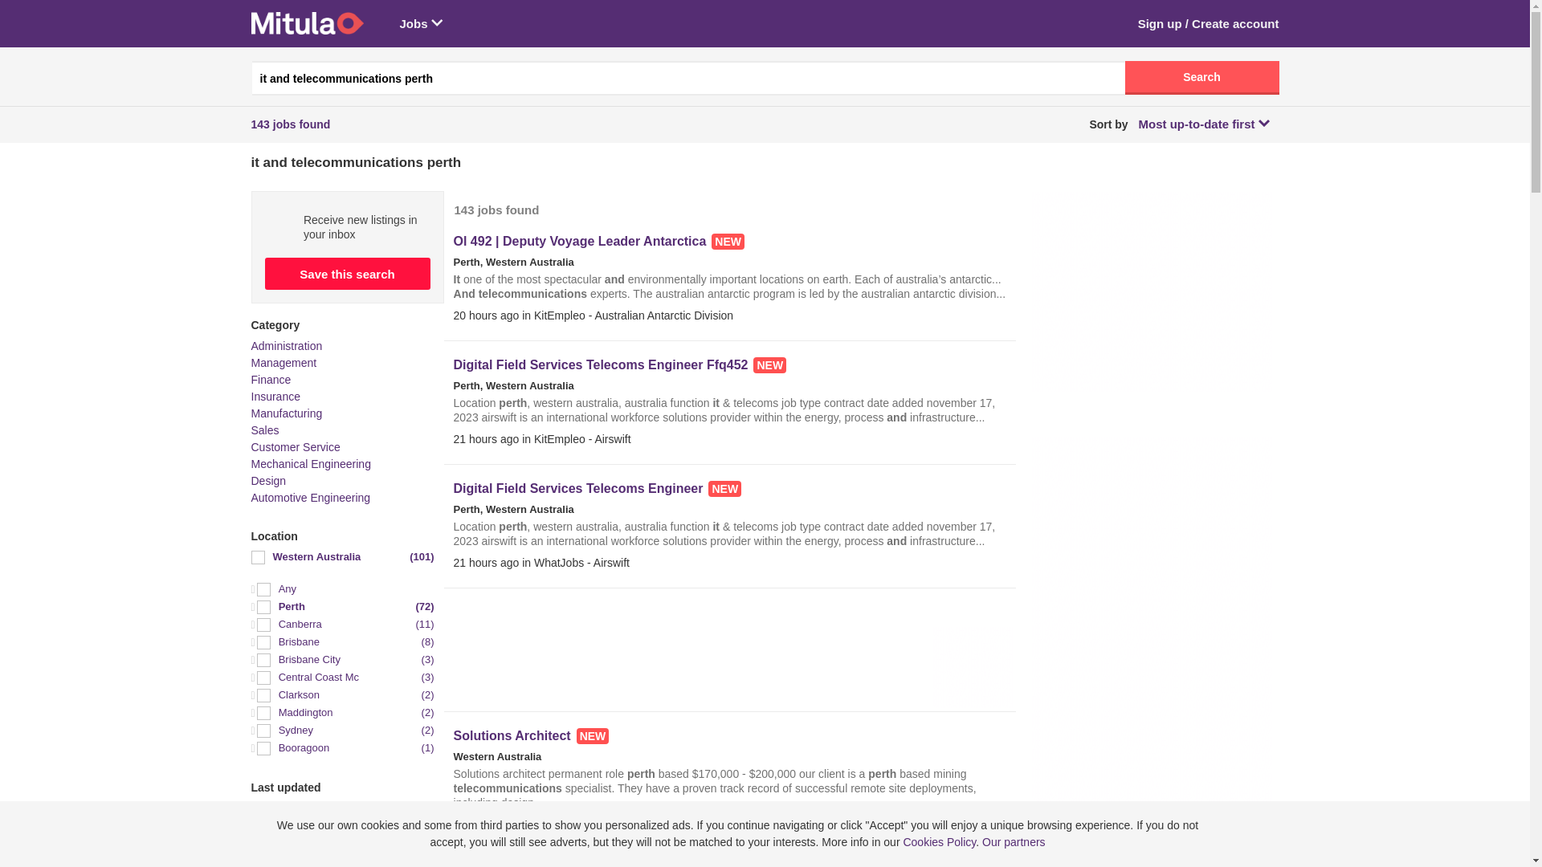  What do you see at coordinates (939, 841) in the screenshot?
I see `'Cookies Policy'` at bounding box center [939, 841].